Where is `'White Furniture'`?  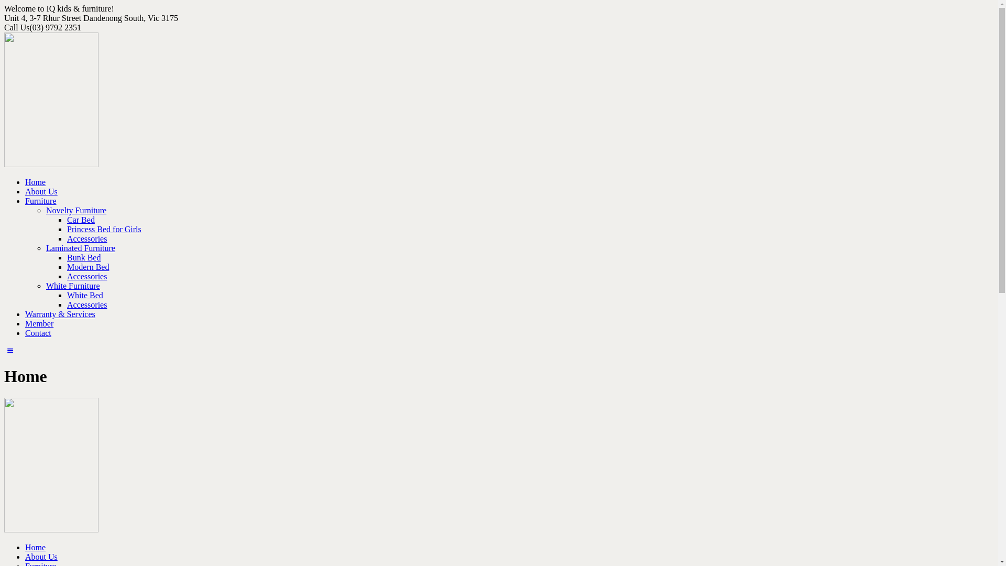 'White Furniture' is located at coordinates (72, 286).